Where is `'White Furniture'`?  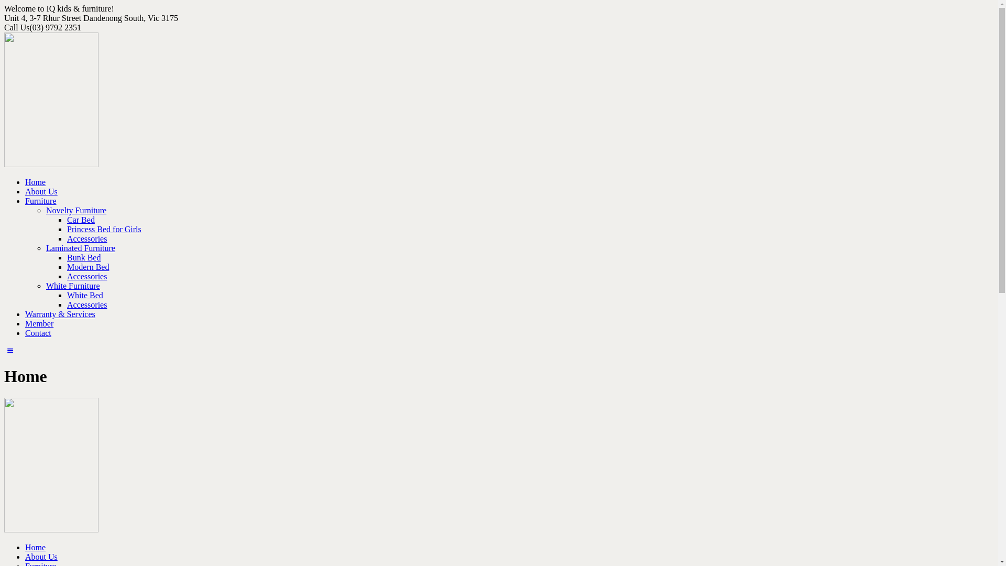 'White Furniture' is located at coordinates (72, 286).